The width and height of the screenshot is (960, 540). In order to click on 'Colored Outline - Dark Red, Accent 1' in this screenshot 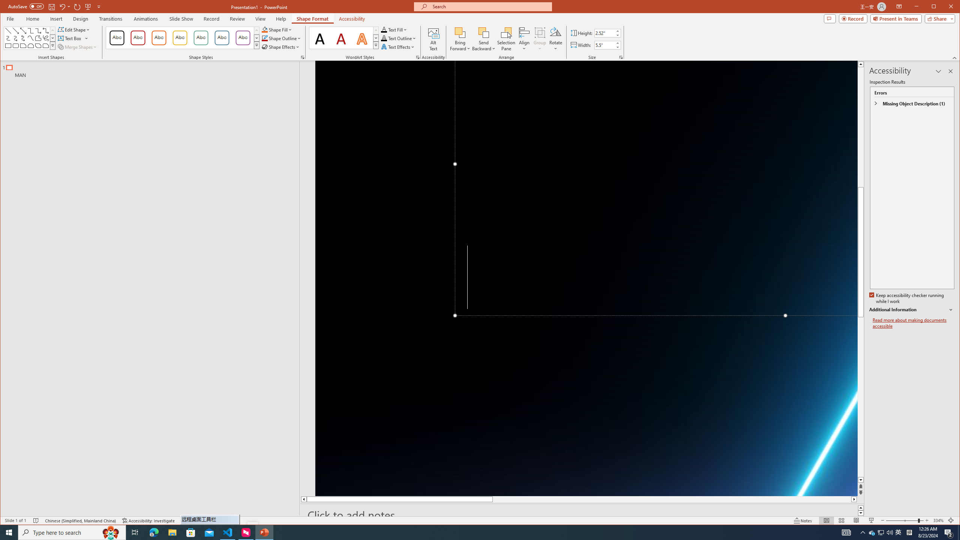, I will do `click(138, 37)`.